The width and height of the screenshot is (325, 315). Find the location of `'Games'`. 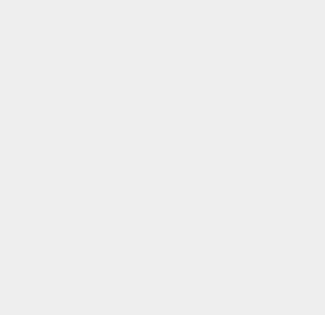

'Games' is located at coordinates (236, 292).